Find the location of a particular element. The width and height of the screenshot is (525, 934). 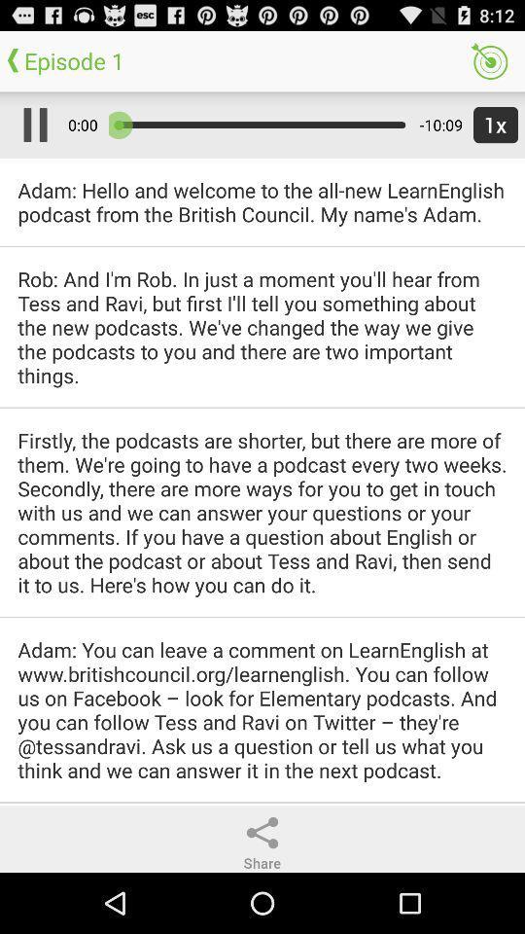

the firstly the podcasts item is located at coordinates (262, 511).